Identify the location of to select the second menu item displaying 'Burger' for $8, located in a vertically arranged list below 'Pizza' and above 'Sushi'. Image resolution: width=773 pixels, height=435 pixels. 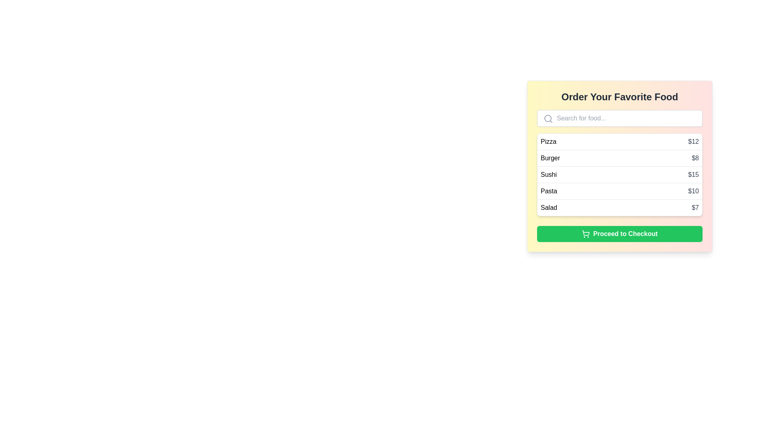
(619, 158).